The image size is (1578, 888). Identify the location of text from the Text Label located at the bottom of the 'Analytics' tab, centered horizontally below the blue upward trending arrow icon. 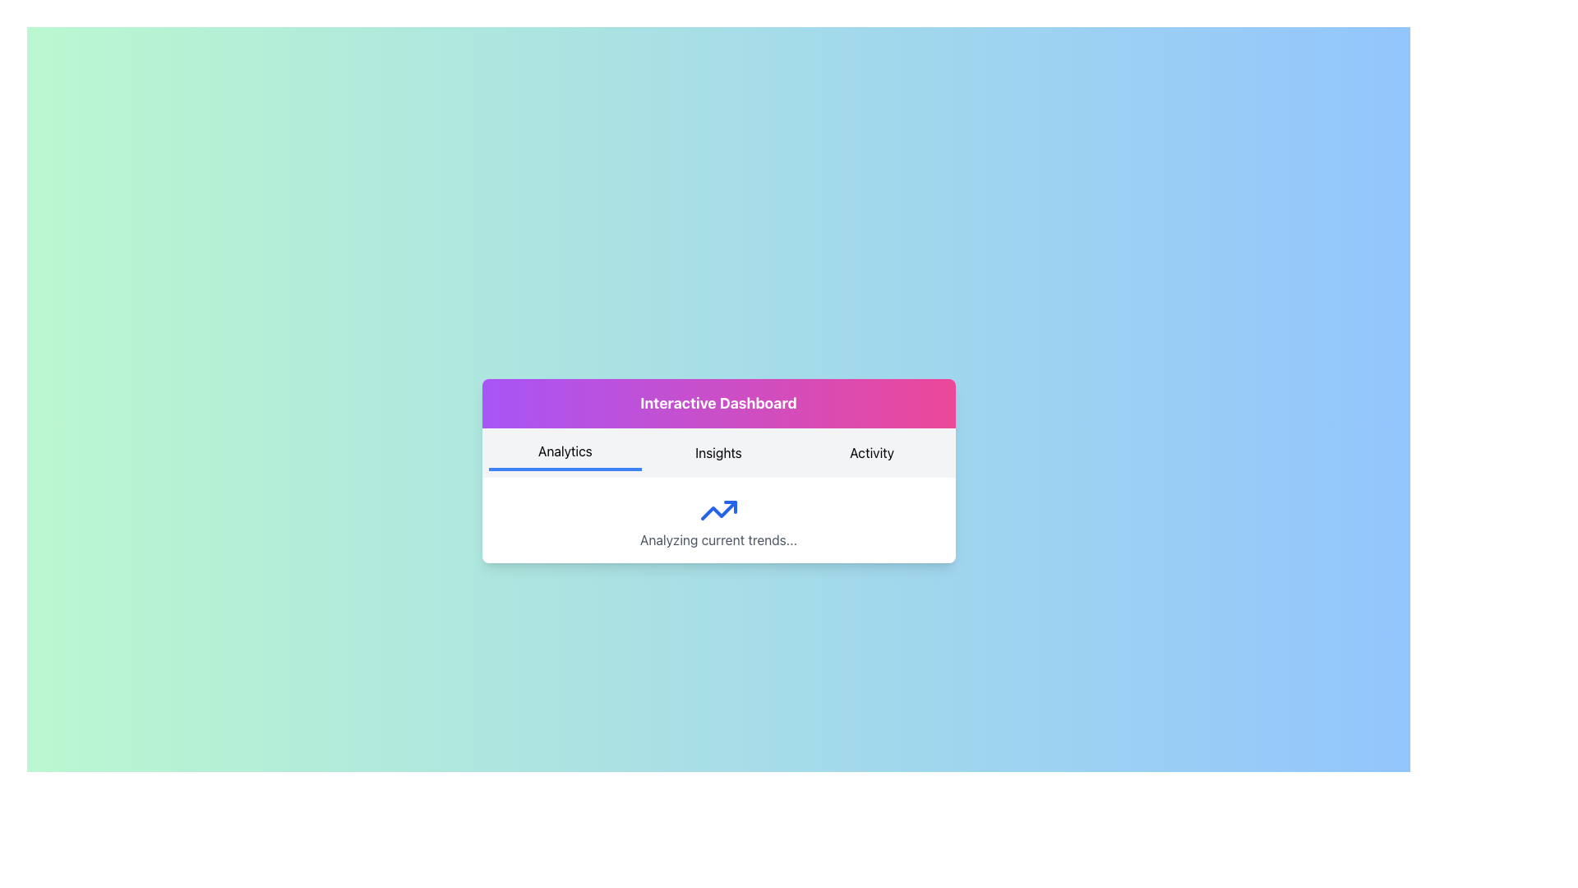
(718, 539).